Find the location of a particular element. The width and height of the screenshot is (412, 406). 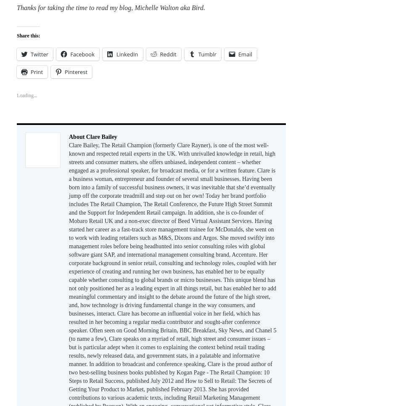

'About Clare Bailey' is located at coordinates (92, 136).